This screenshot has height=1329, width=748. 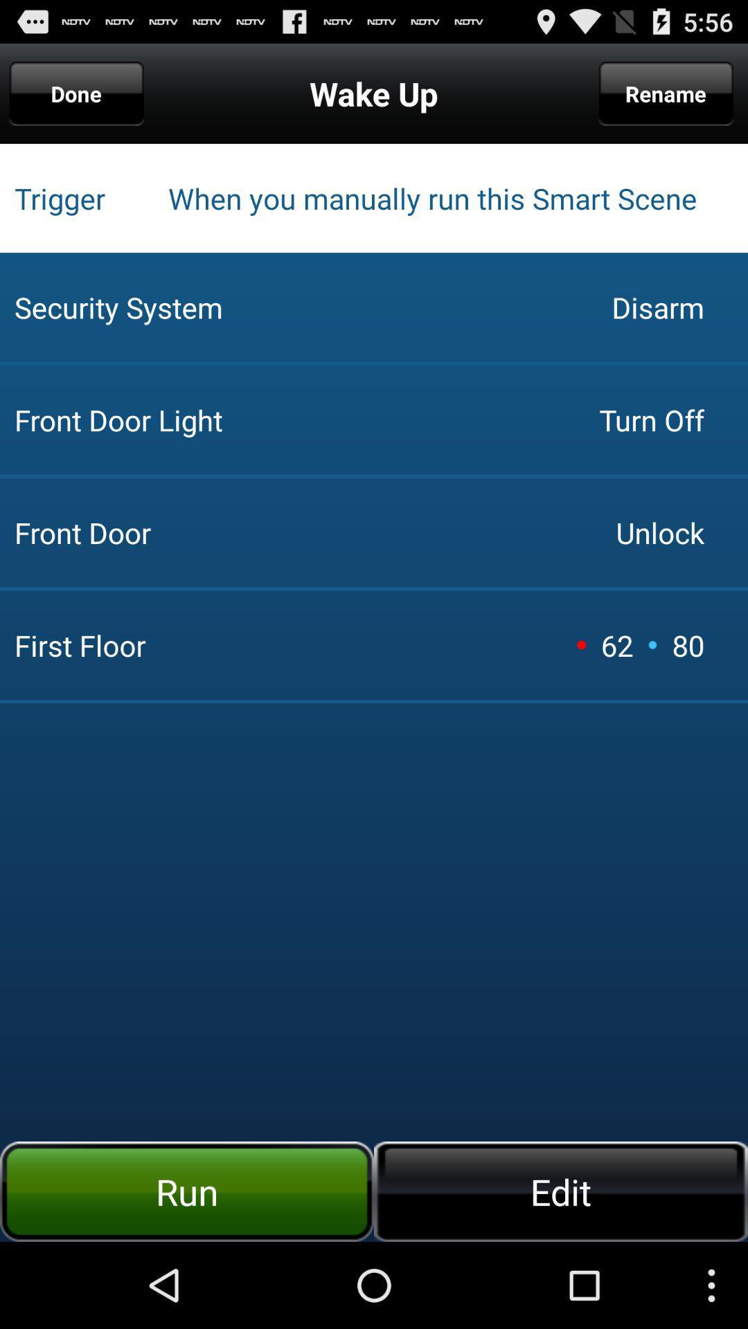 What do you see at coordinates (561, 1191) in the screenshot?
I see `item below the first floor item` at bounding box center [561, 1191].